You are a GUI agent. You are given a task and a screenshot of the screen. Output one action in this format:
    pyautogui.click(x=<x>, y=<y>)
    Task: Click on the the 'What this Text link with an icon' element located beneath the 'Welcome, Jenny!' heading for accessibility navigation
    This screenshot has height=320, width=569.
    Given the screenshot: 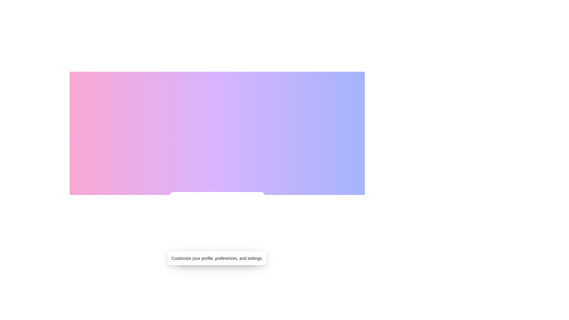 What is the action you would take?
    pyautogui.click(x=217, y=244)
    